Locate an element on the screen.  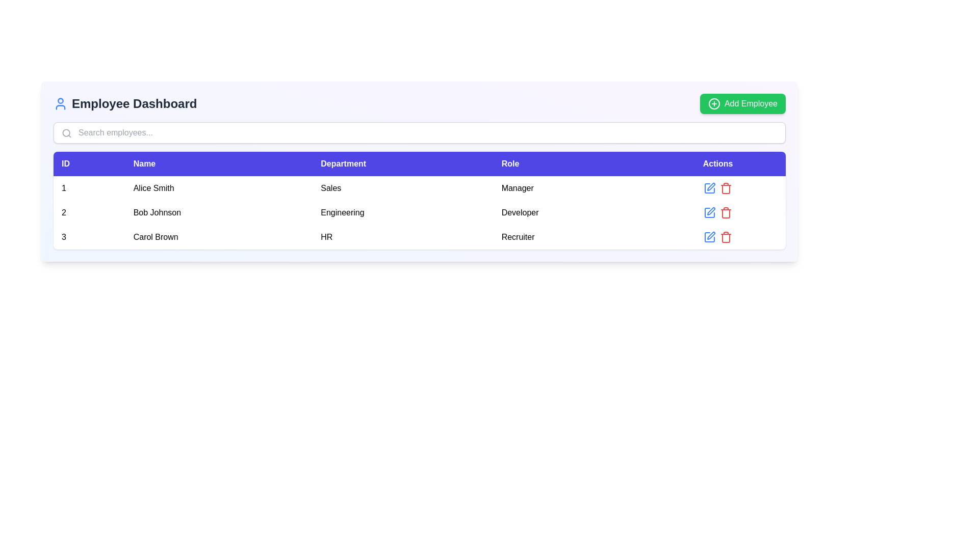
the edit/pencil icon located in the third row of the employee table under the 'Actions' column to initiate the edit action is located at coordinates (711, 211).